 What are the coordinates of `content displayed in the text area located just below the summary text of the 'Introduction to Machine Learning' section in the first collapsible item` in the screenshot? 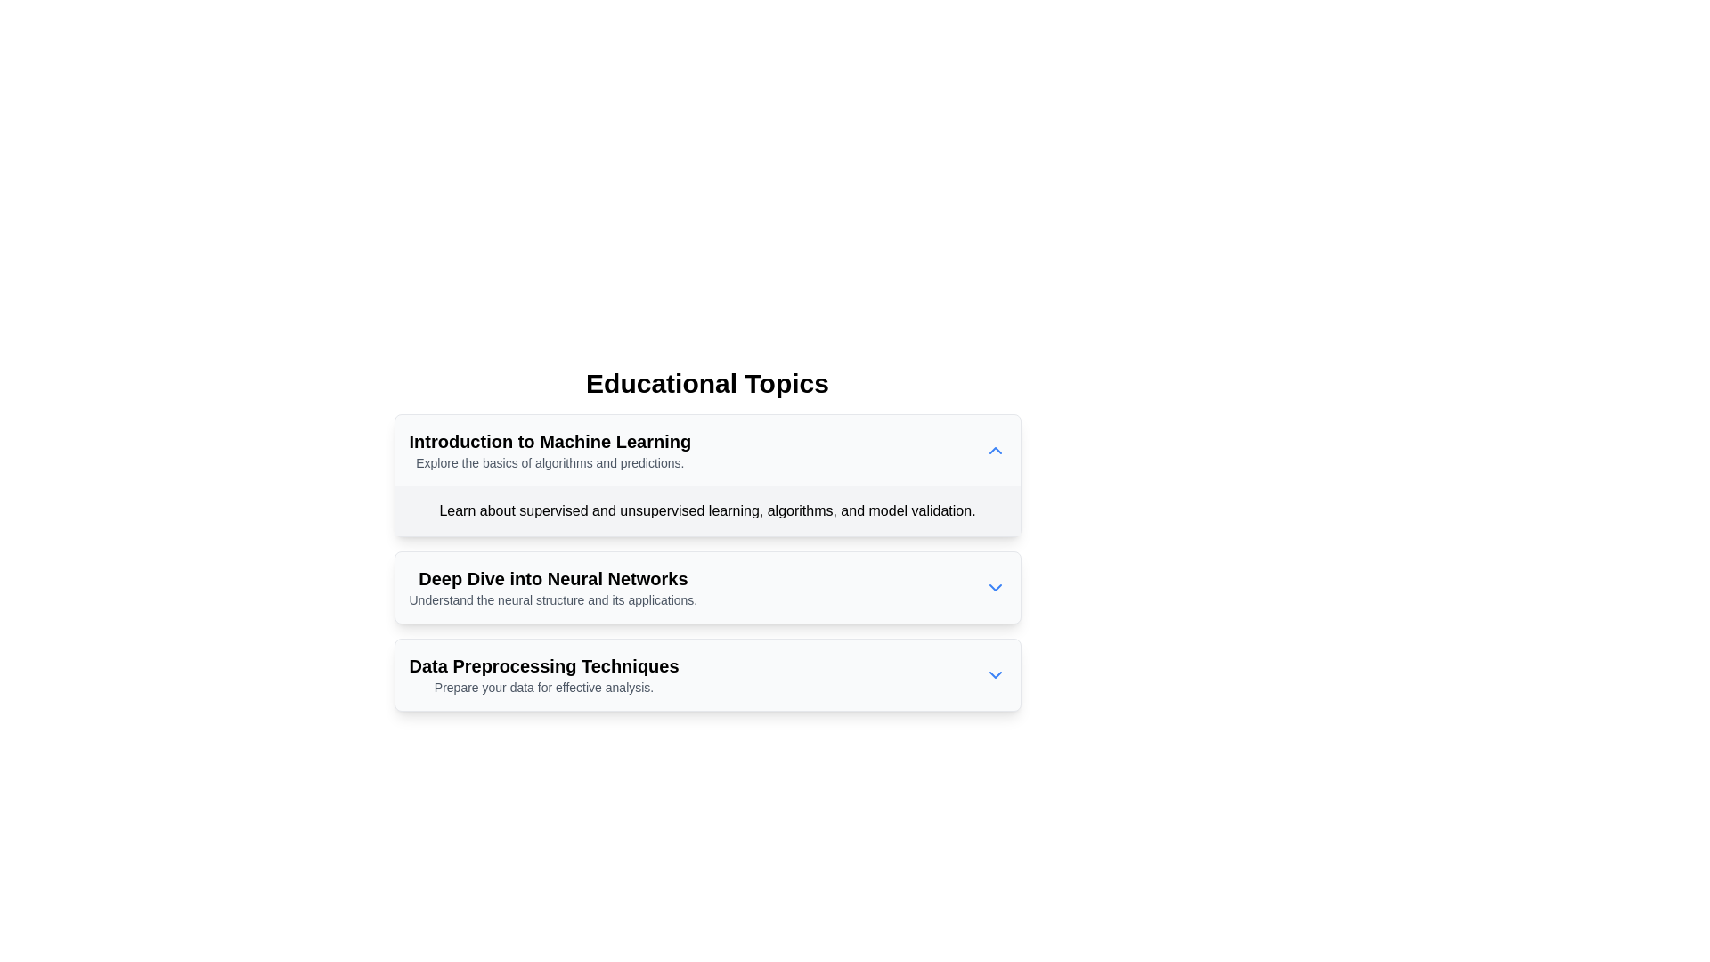 It's located at (706, 511).